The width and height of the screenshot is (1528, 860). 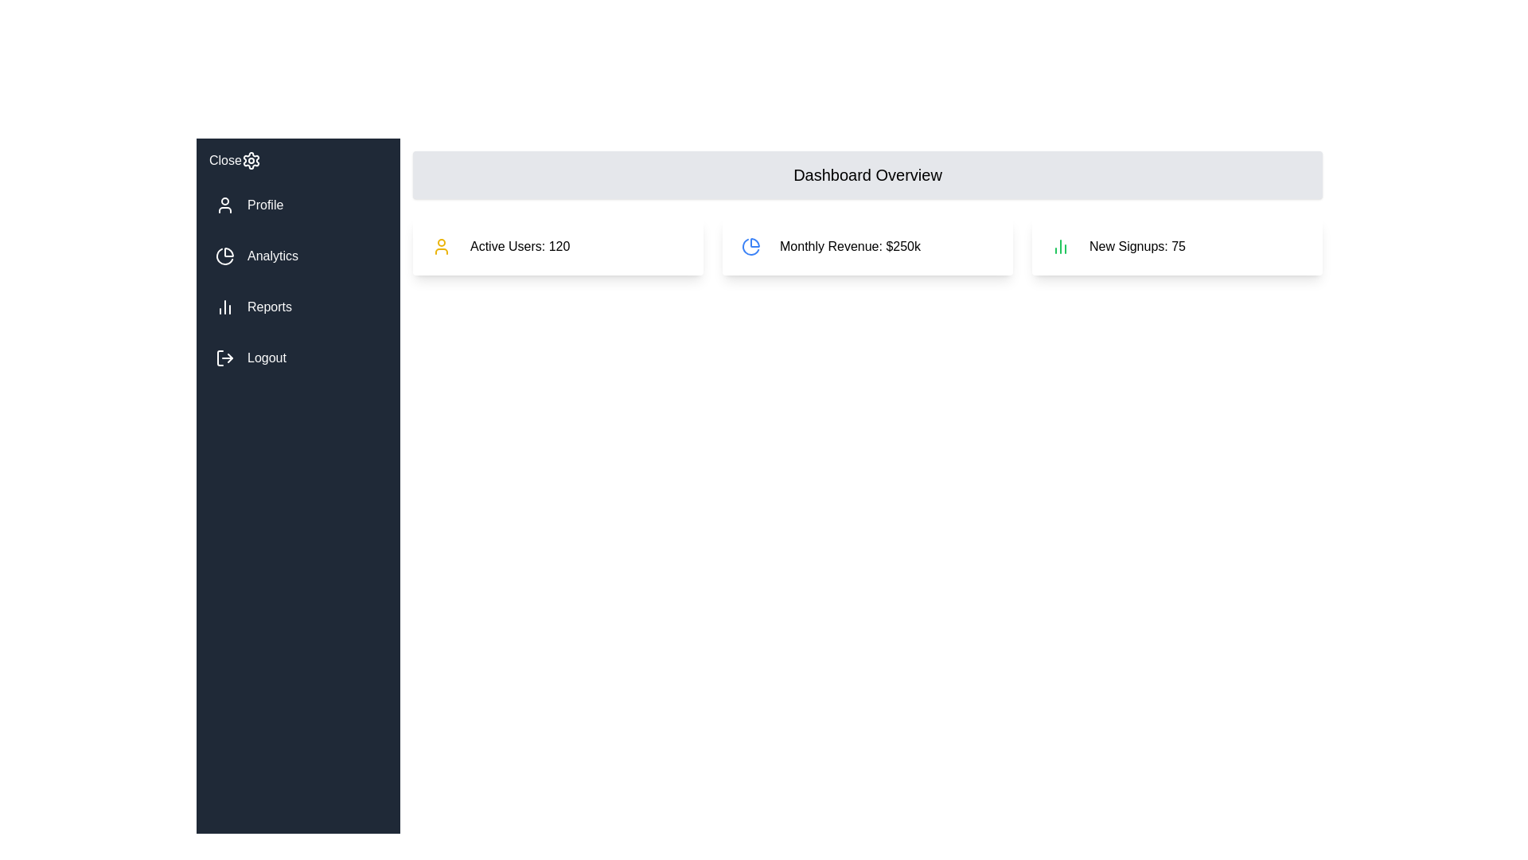 I want to click on the pie chart icon located in the sidebar navigation menu, so click(x=224, y=255).